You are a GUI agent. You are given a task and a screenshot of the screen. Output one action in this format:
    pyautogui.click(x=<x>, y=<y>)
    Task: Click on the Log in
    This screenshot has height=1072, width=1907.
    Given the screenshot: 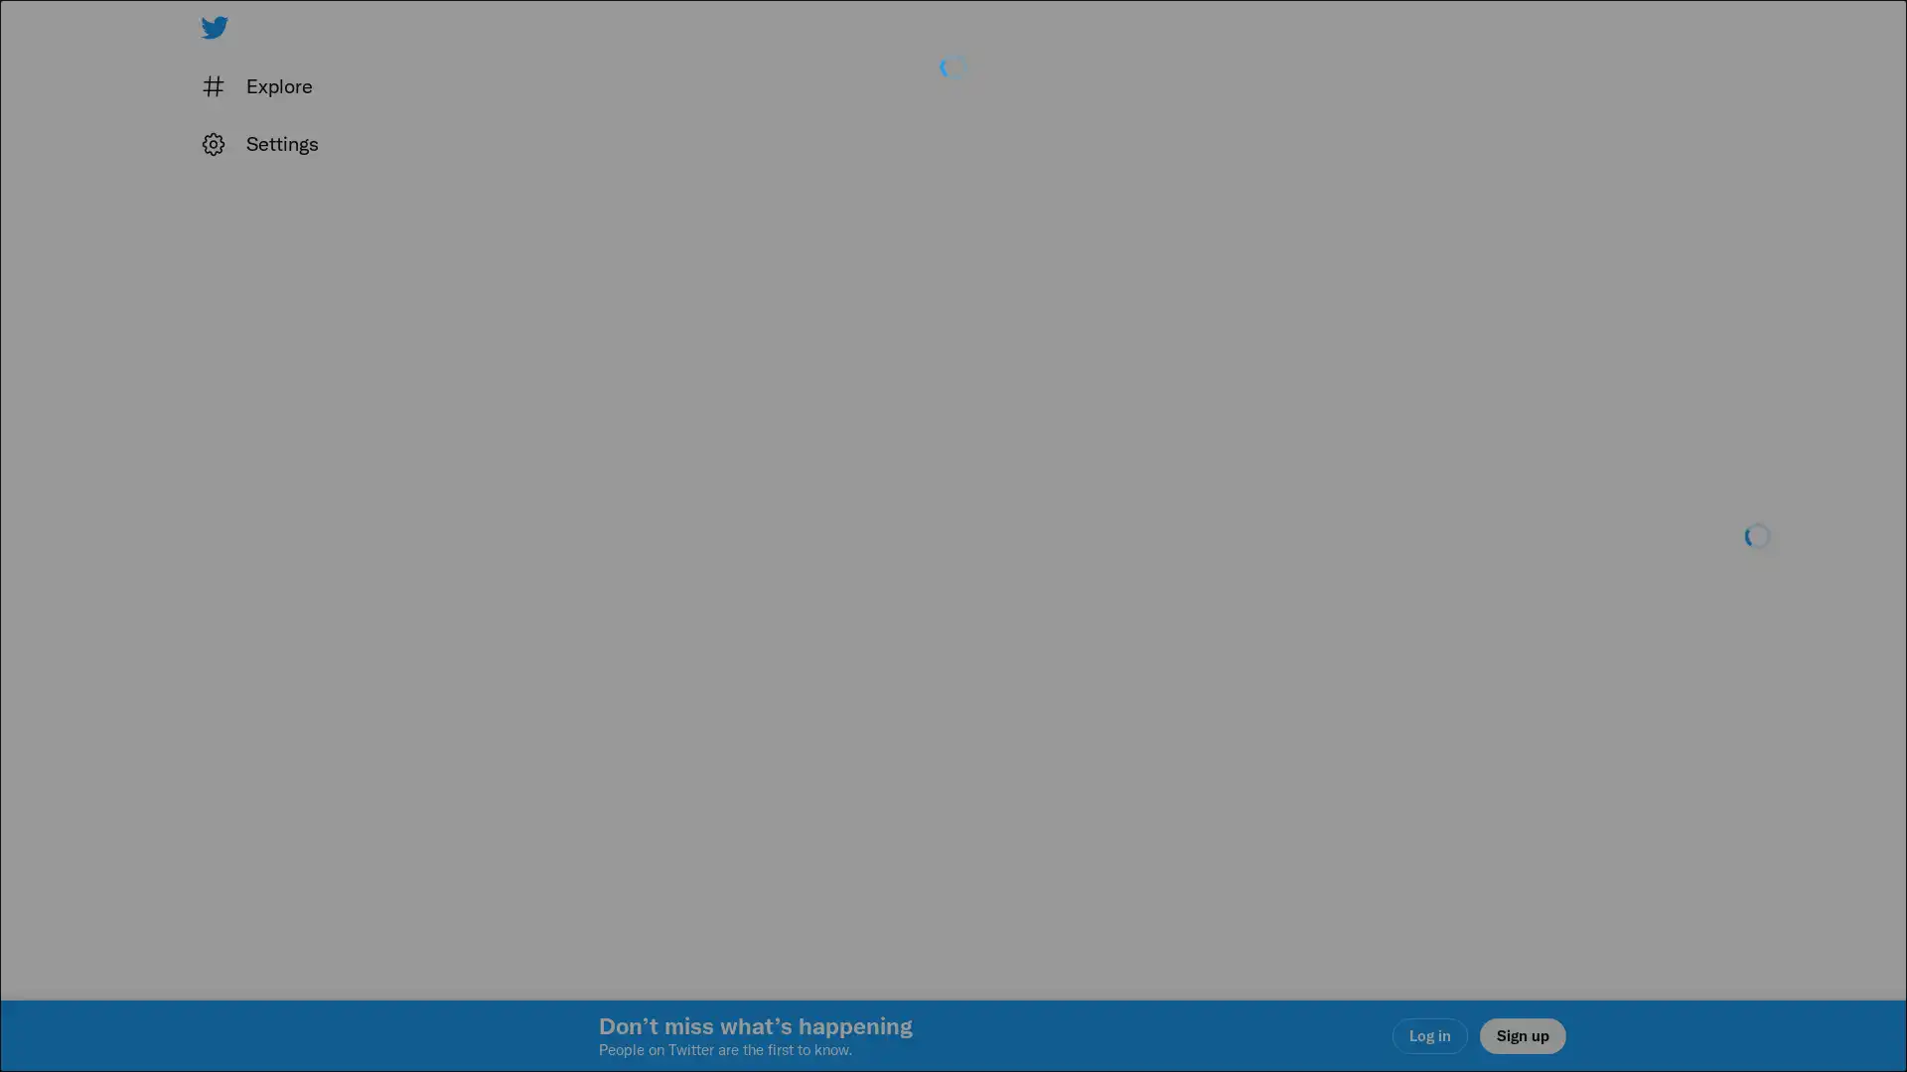 What is the action you would take?
    pyautogui.click(x=1192, y=676)
    